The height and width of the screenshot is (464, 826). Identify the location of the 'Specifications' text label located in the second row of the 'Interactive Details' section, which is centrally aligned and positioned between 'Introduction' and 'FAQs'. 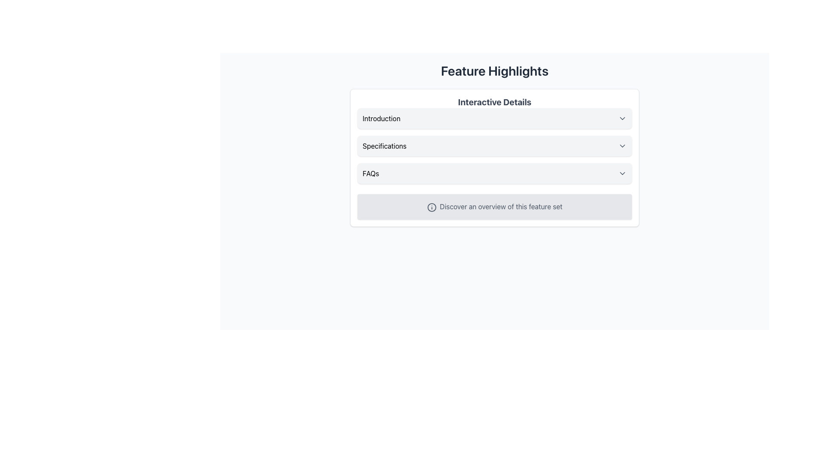
(384, 145).